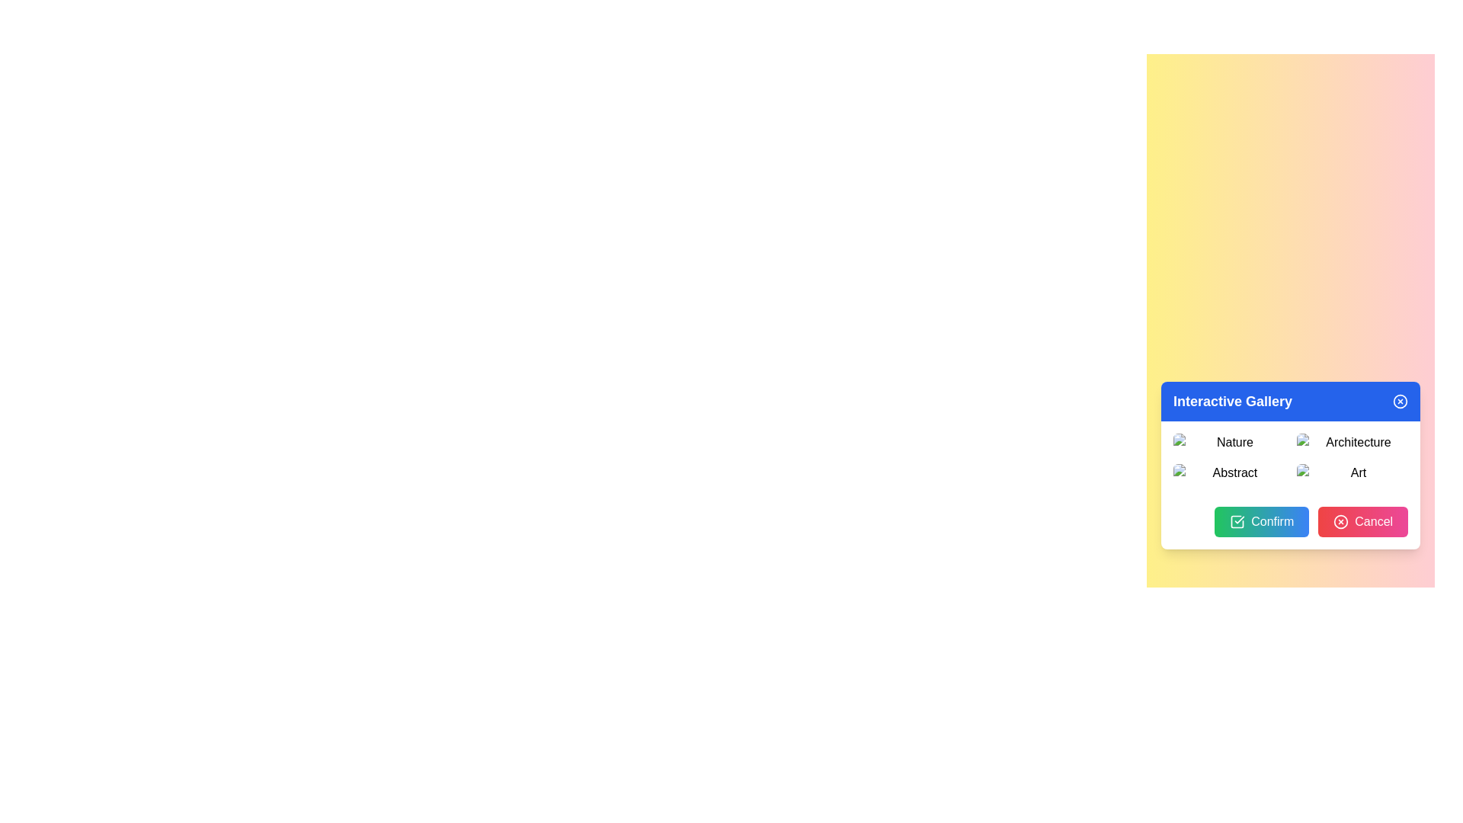  Describe the element at coordinates (1228, 443) in the screenshot. I see `the text label displaying 'Nature' in bold white font, located in the 'Interactive Gallery' modal above the leftmost image placeholder` at that location.